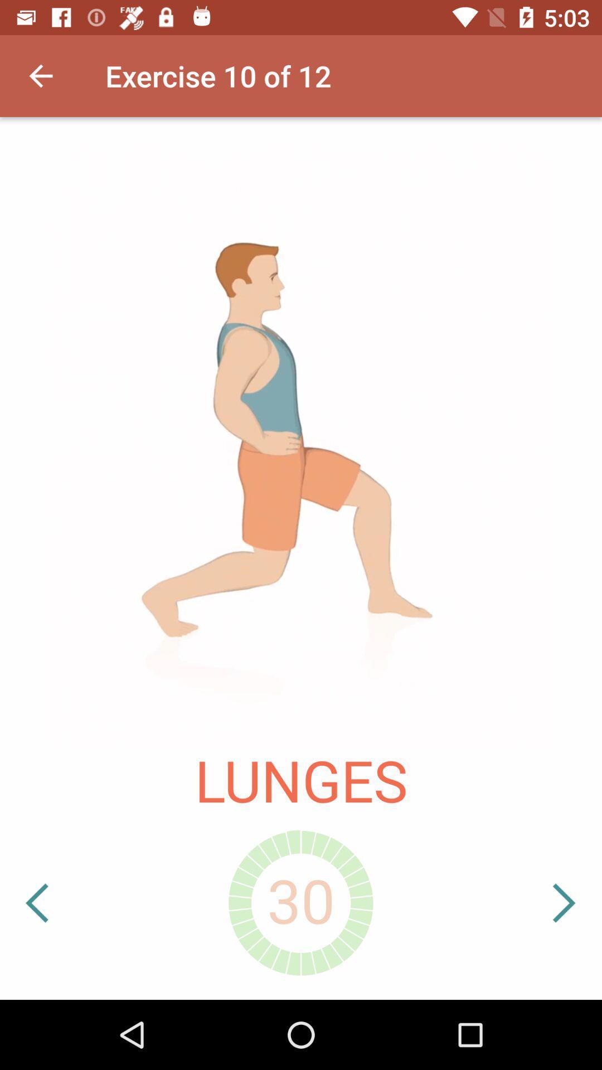  Describe the element at coordinates (71, 903) in the screenshot. I see `icon below lunges item` at that location.